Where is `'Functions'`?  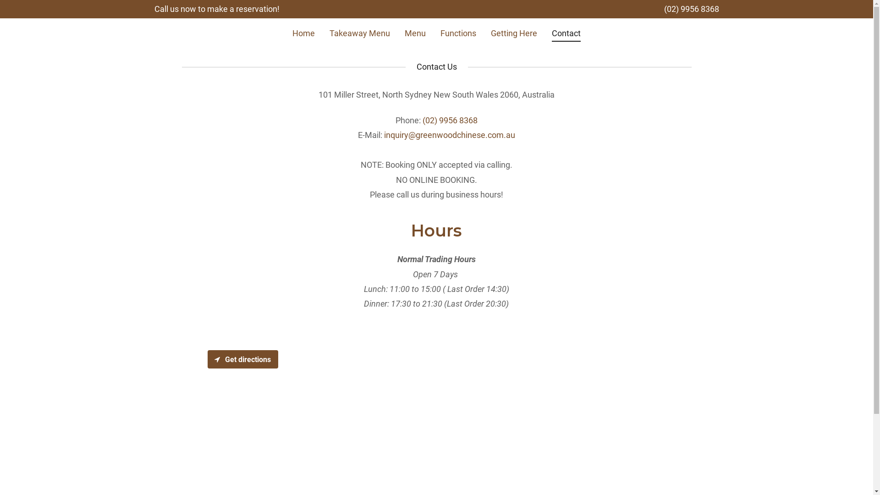 'Functions' is located at coordinates (458, 33).